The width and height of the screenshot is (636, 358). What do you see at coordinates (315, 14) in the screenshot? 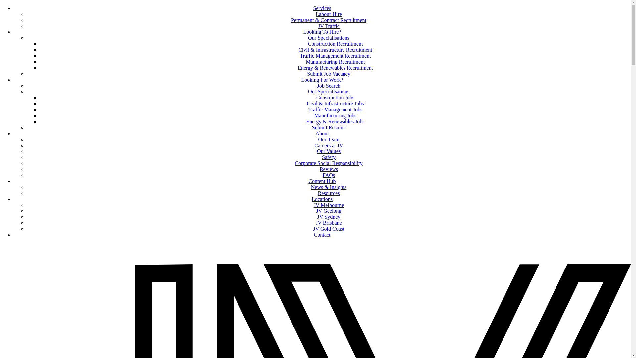
I see `'Labour Hire'` at bounding box center [315, 14].